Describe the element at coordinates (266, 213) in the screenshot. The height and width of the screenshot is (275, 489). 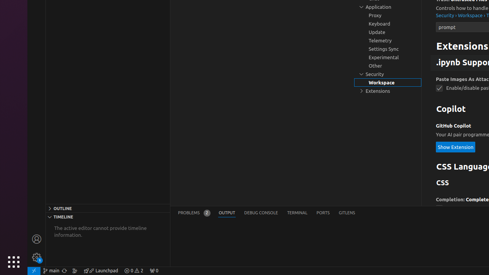
I see `'Active View Switcher'` at that location.